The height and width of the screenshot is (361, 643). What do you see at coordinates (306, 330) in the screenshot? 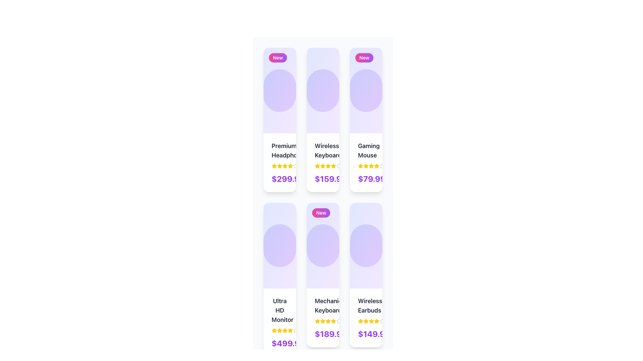
I see `the rating count displayed as '(167)' in gray color, located at the bottom-right corner of the 'Mechanical Keyboard' product card, next to the star rating components` at bounding box center [306, 330].